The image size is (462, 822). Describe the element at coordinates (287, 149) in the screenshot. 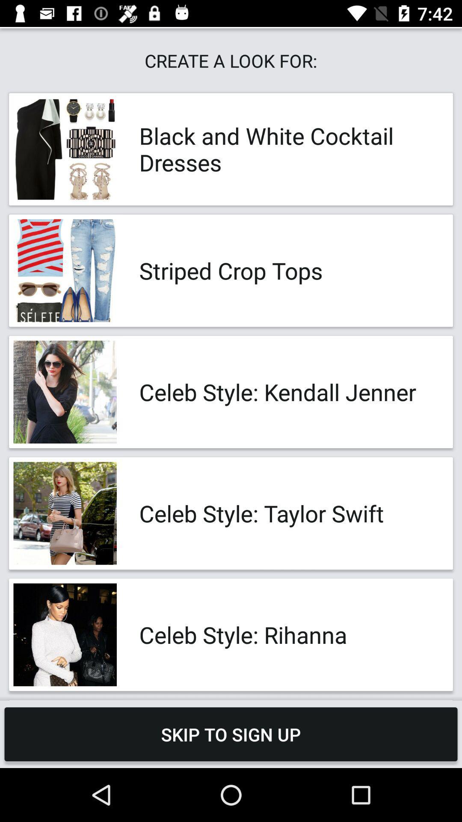

I see `the app below the create a look app` at that location.